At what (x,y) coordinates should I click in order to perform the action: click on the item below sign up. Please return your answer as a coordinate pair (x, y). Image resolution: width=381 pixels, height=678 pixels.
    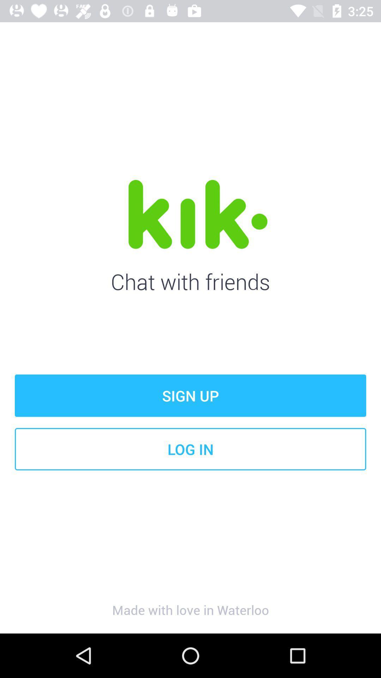
    Looking at the image, I should click on (190, 449).